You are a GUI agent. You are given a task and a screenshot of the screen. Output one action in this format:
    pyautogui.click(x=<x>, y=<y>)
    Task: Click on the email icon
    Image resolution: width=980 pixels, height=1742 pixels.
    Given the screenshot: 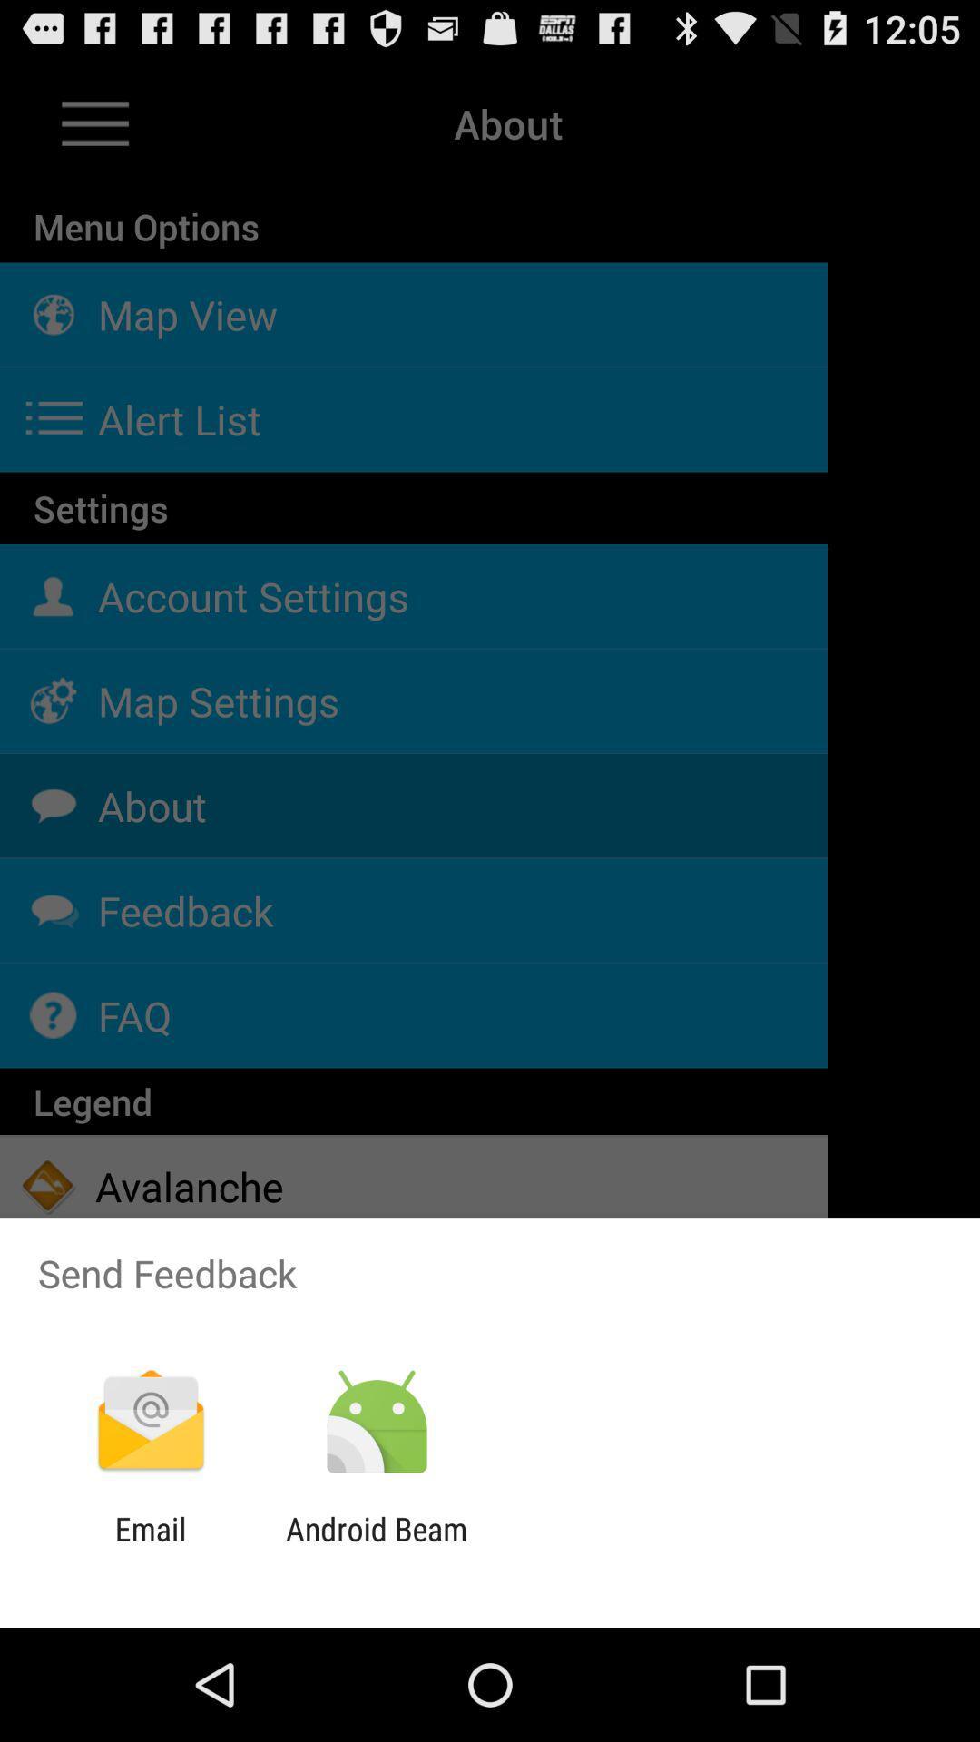 What is the action you would take?
    pyautogui.click(x=150, y=1547)
    